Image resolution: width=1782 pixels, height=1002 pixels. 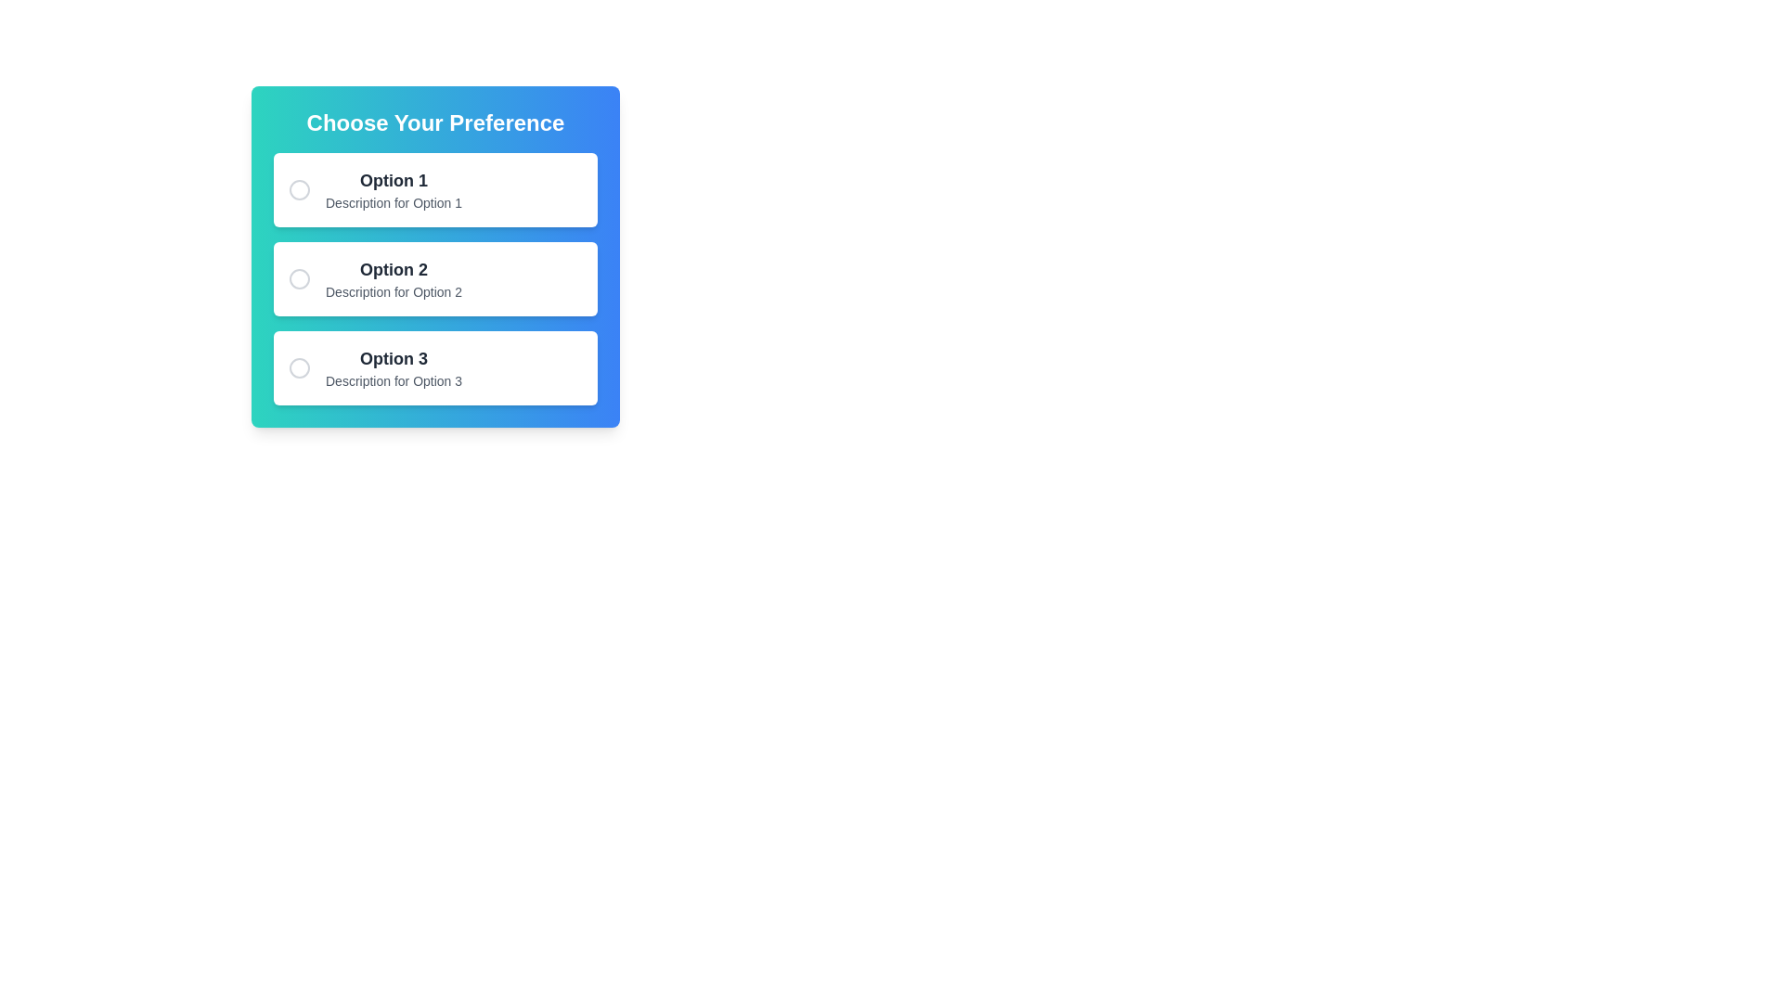 I want to click on the third radio button in the vertical list, which represents the unselected state for 'Option 3', so click(x=299, y=368).